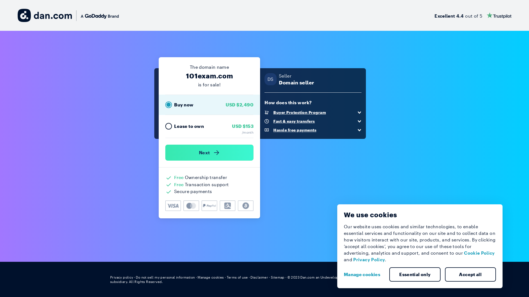 The image size is (529, 297). I want to click on 'Essential only', so click(415, 274).